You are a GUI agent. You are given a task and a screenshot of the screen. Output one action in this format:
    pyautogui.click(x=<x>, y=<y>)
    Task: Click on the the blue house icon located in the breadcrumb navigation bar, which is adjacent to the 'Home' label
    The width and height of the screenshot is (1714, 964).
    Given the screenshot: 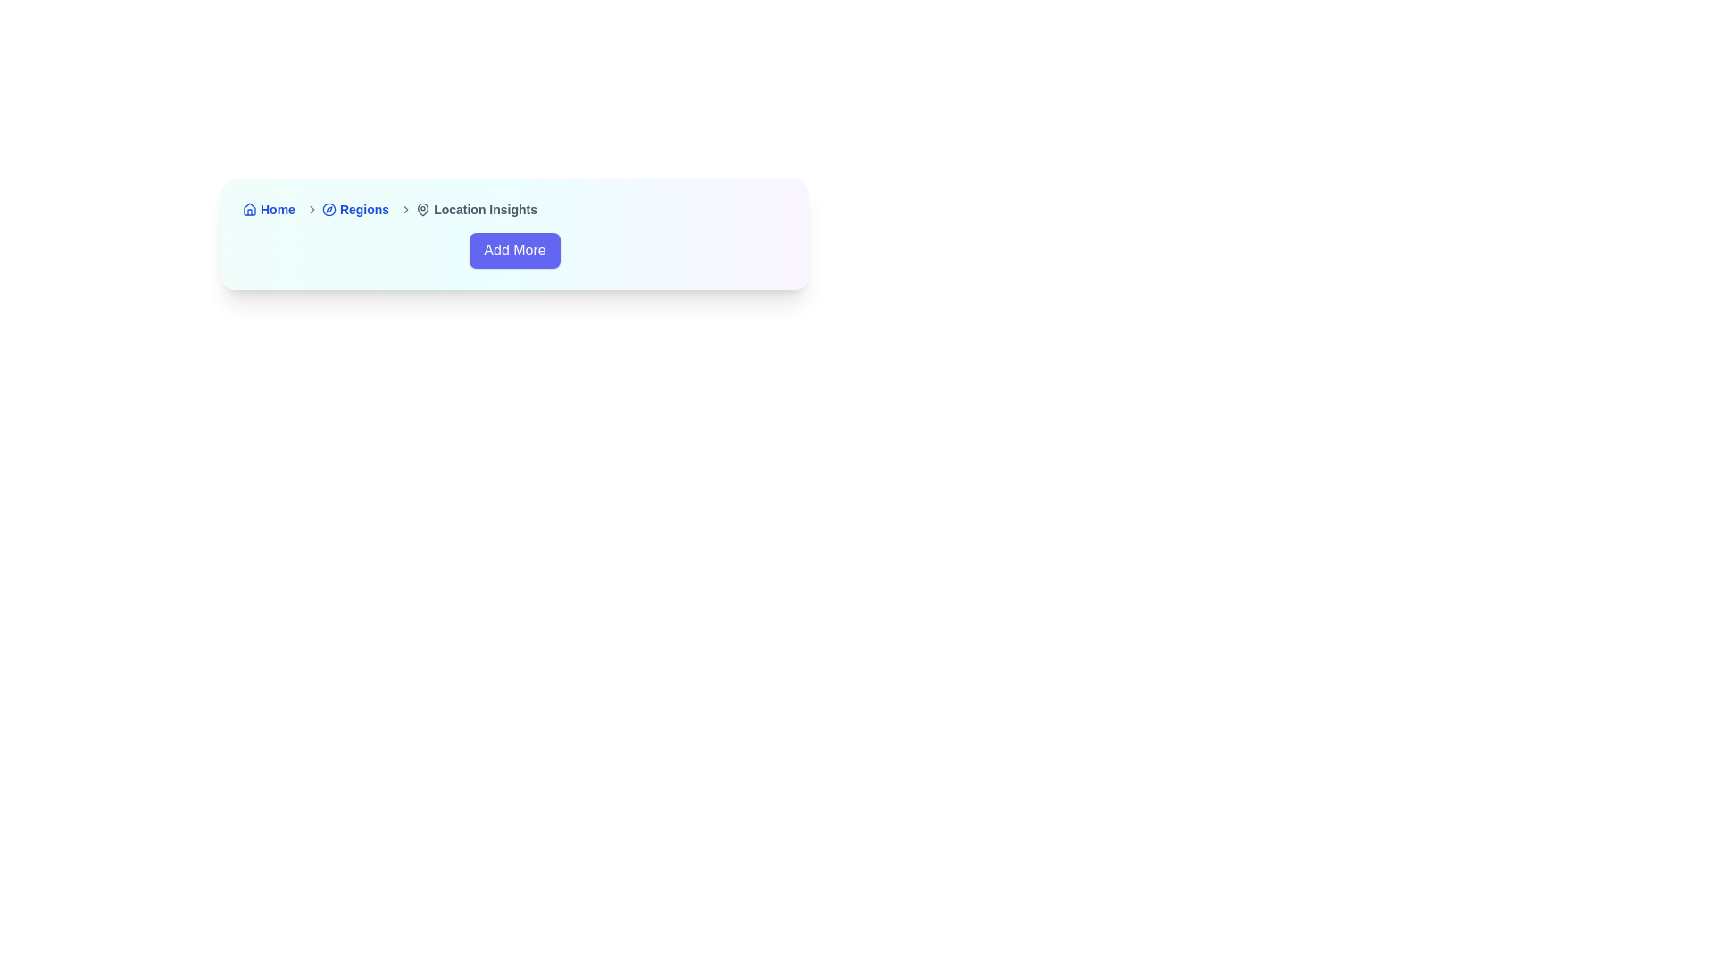 What is the action you would take?
    pyautogui.click(x=248, y=208)
    